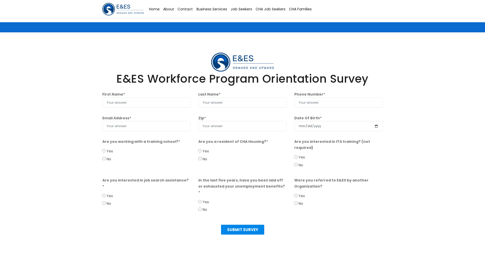 This screenshot has width=485, height=273. I want to click on 'Contact', so click(185, 9).